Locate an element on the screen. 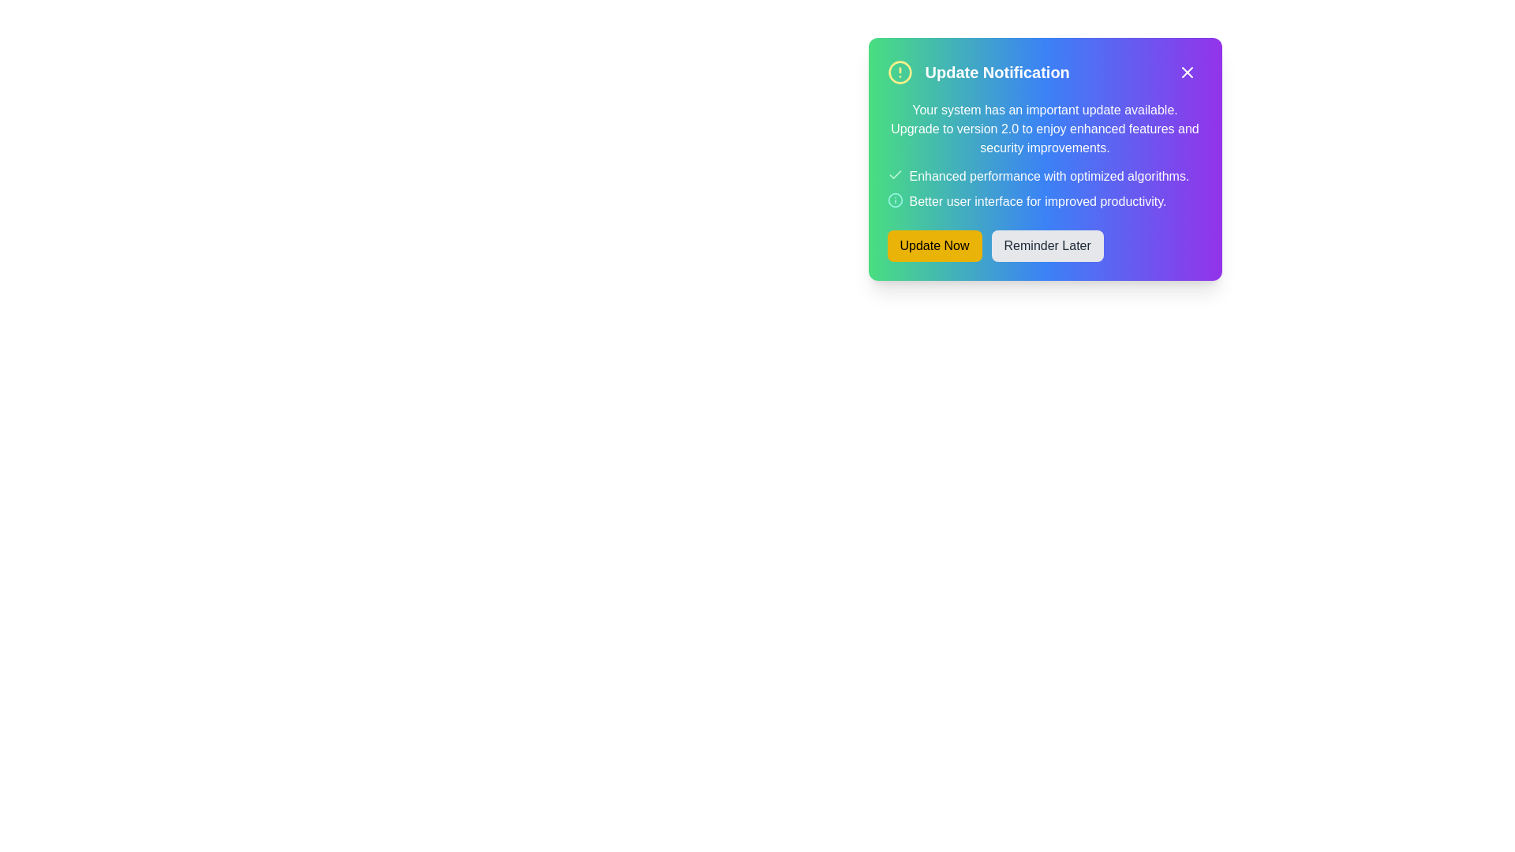  the alert notification icon located to the left of the 'Update Notification' title in the notification box is located at coordinates (900, 73).